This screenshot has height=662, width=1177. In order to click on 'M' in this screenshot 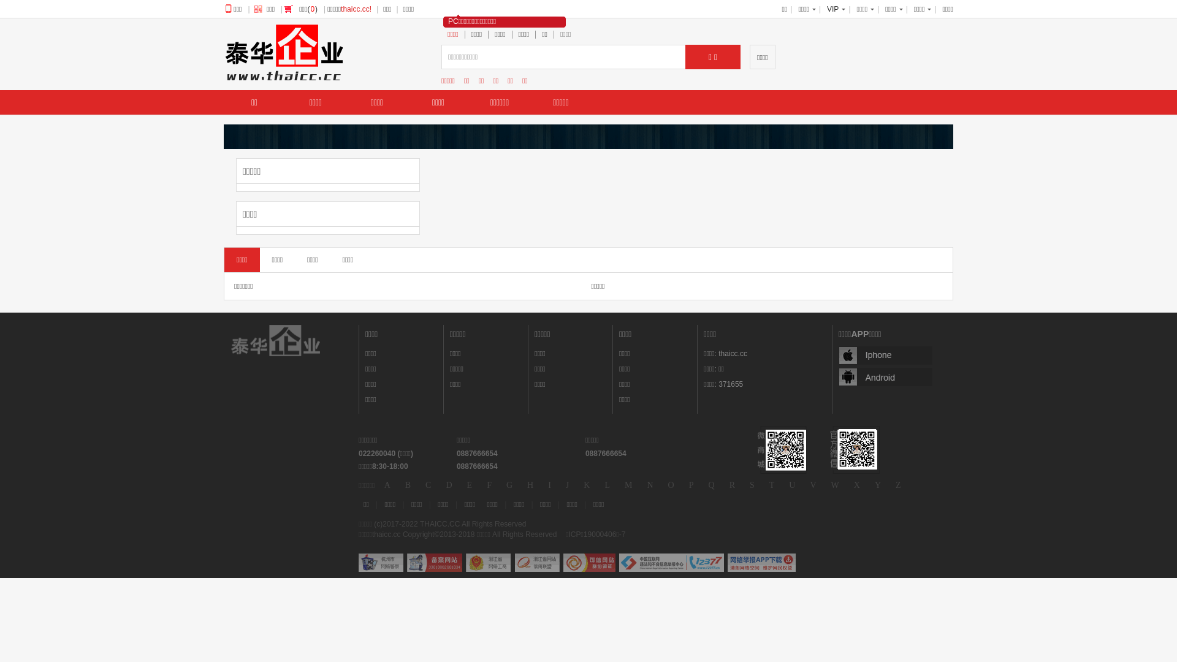, I will do `click(628, 484)`.